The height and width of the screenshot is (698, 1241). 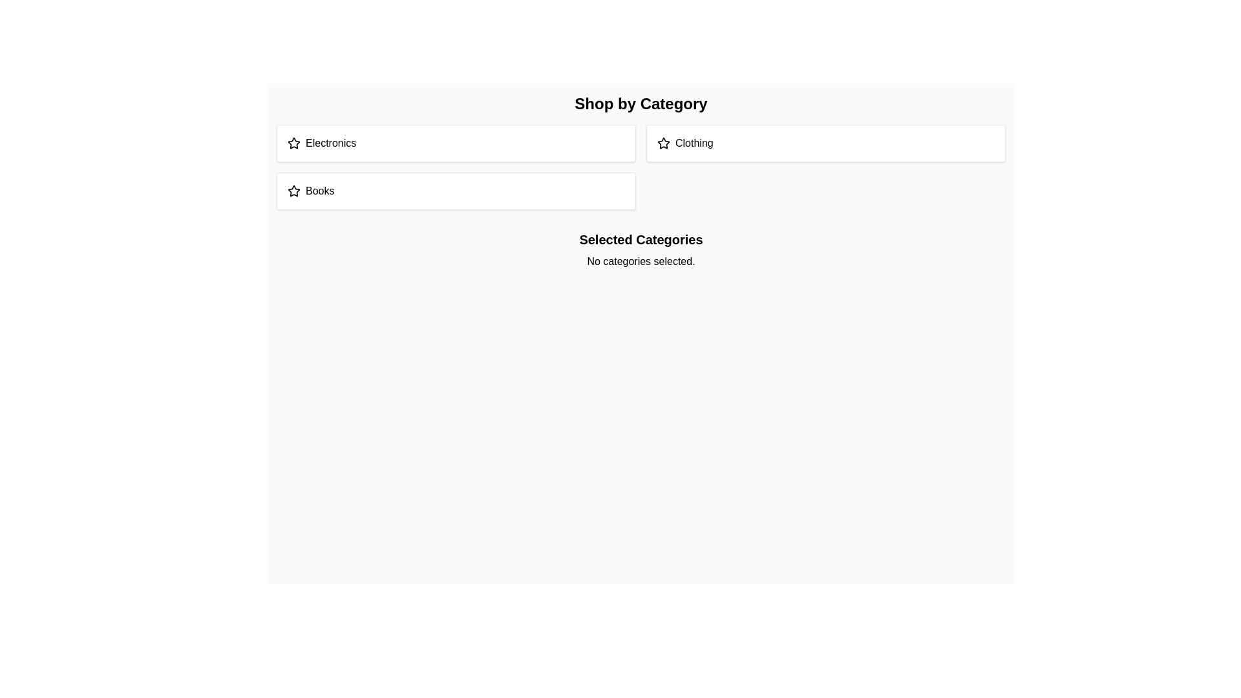 What do you see at coordinates (664, 143) in the screenshot?
I see `the favorite icon located to the left of the 'Clothing' label in the 'Shop by Category' section` at bounding box center [664, 143].